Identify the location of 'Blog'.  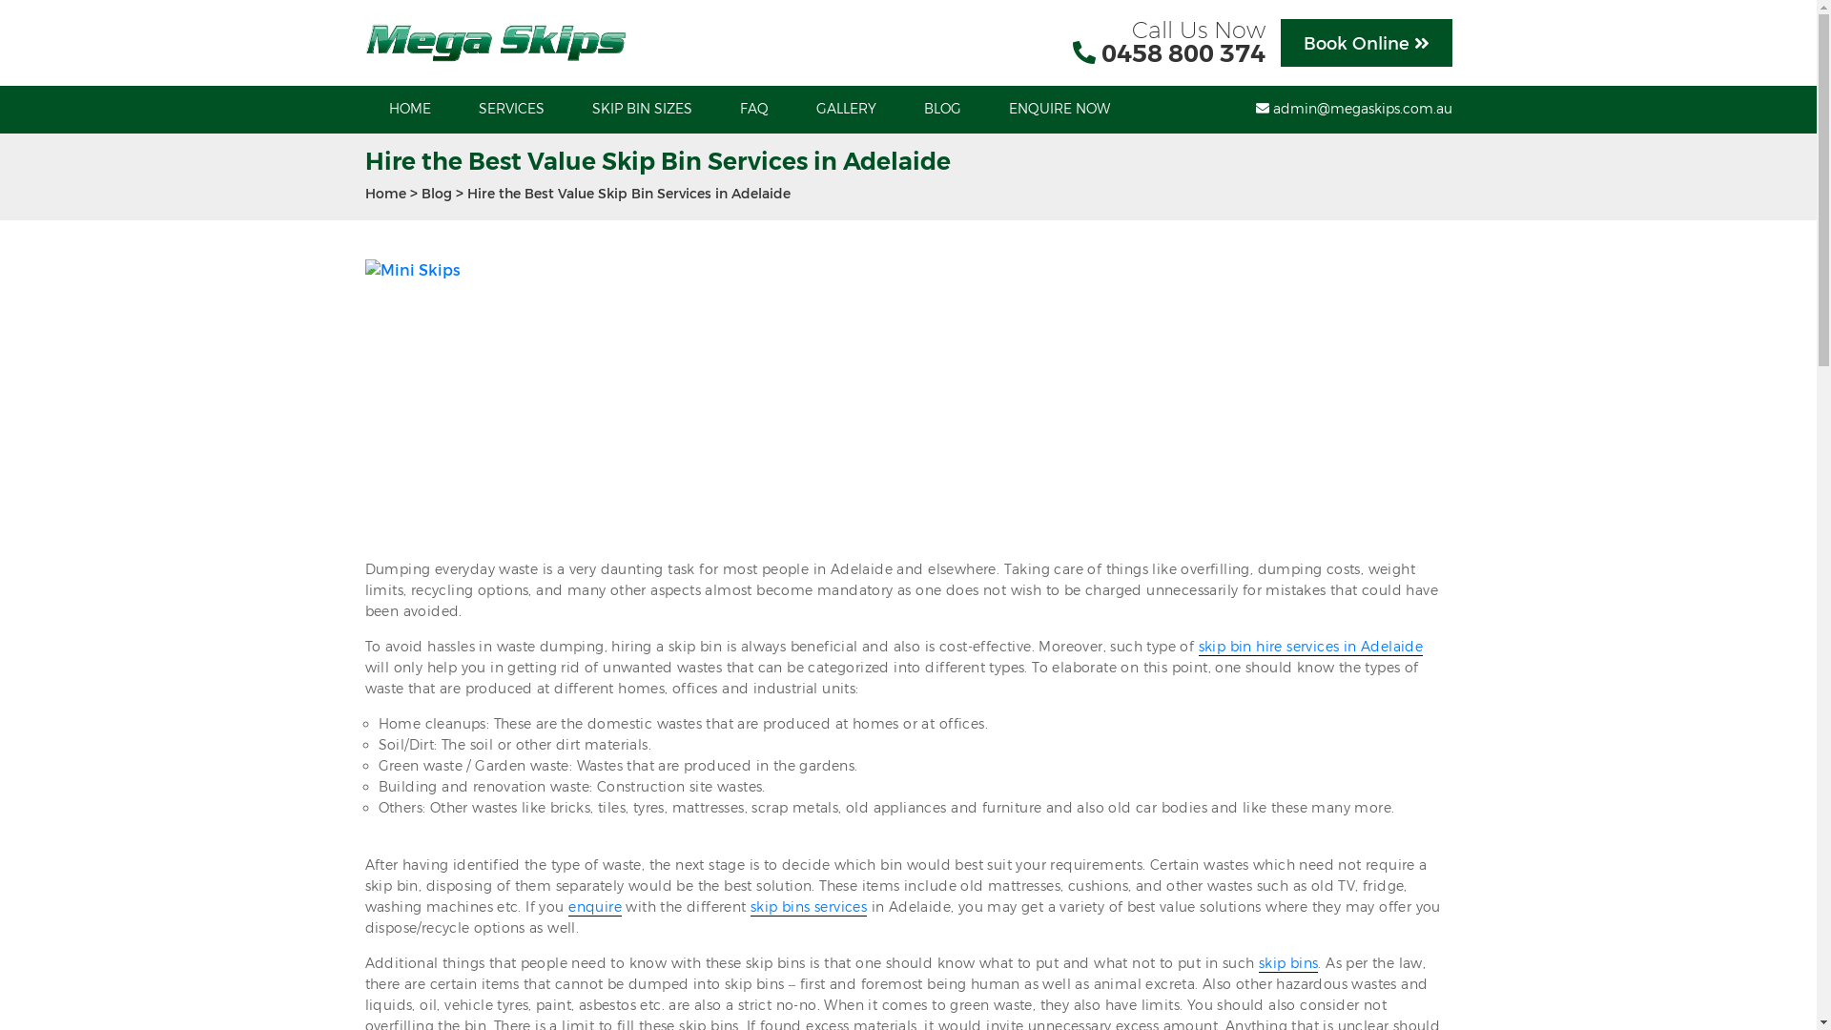
(435, 194).